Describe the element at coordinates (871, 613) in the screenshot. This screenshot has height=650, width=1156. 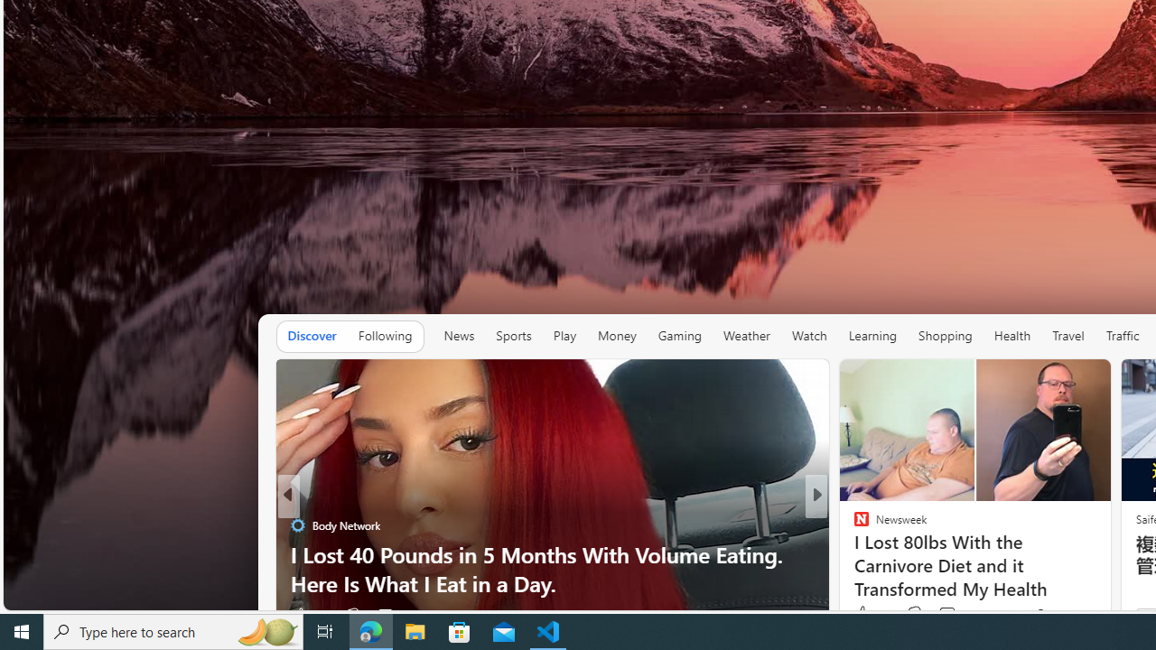
I see `'383 Like'` at that location.